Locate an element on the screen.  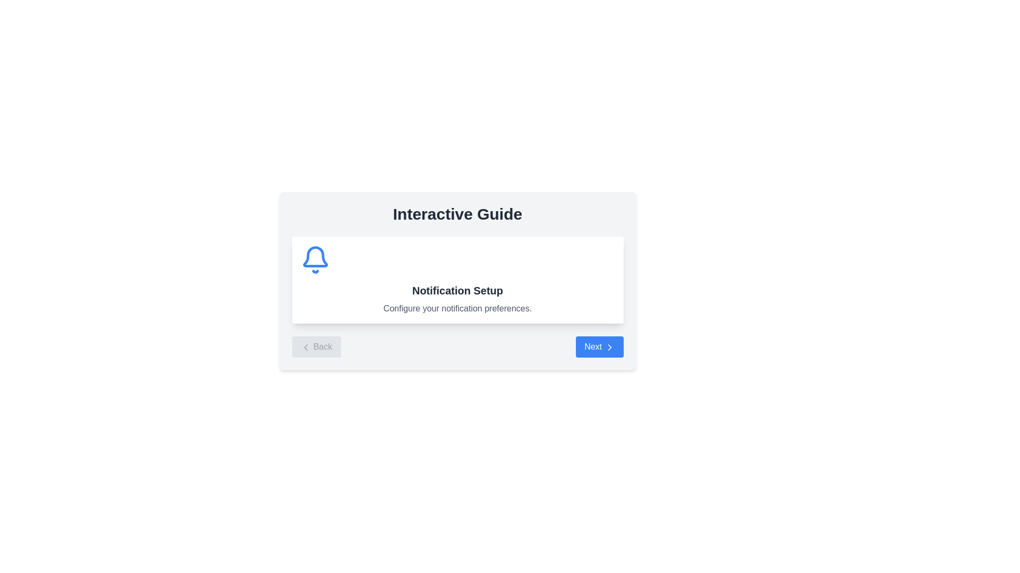
the forward navigation icon located inside the blue 'Next' button for visual feedback is located at coordinates (609, 347).